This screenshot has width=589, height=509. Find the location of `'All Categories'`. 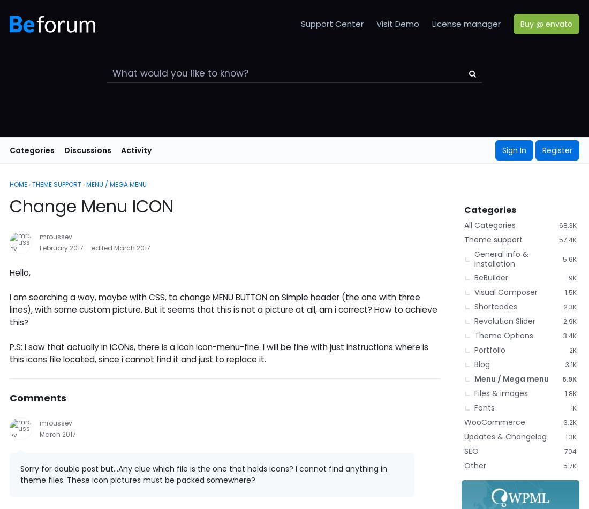

'All Categories' is located at coordinates (489, 225).